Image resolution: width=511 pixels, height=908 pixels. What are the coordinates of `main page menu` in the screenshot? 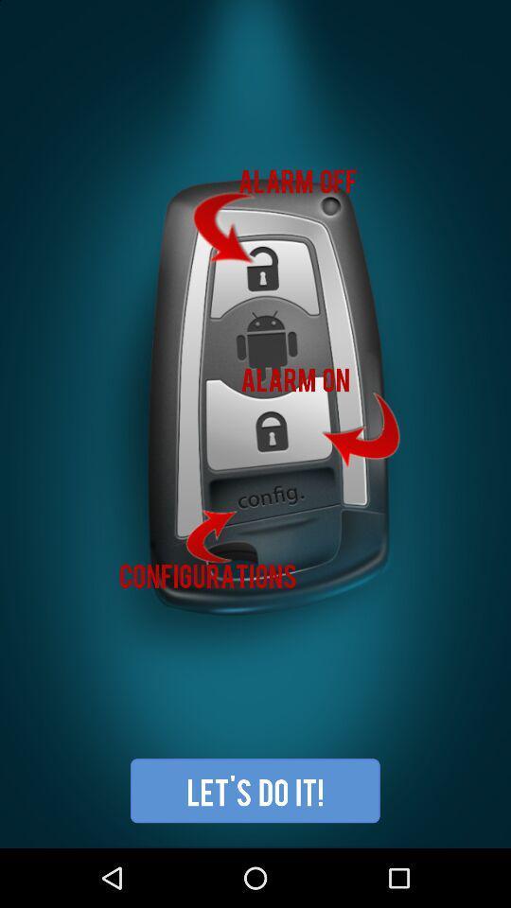 It's located at (255, 424).